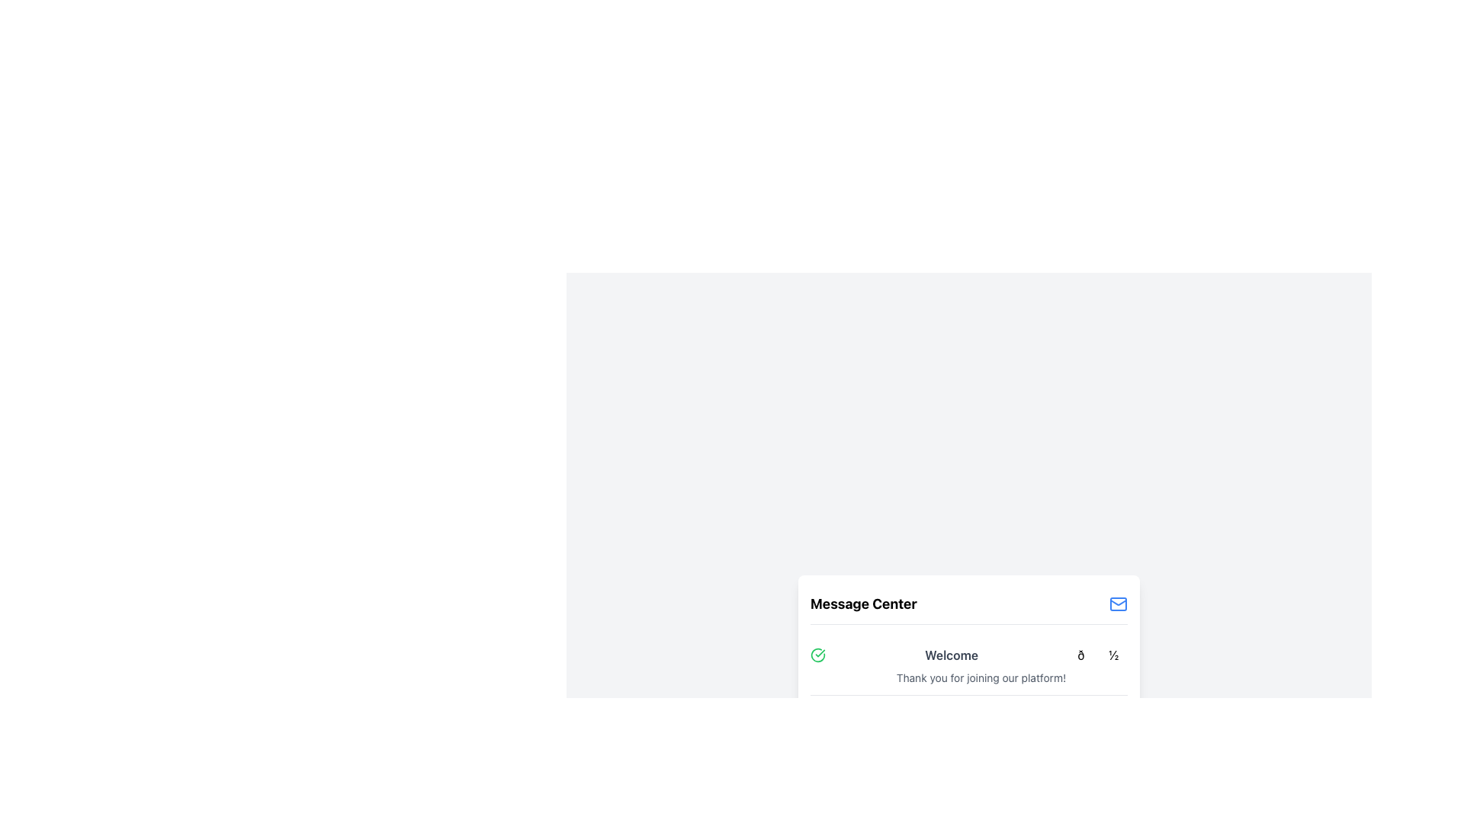 The width and height of the screenshot is (1464, 823). What do you see at coordinates (968, 665) in the screenshot?
I see `text content of the Informational Text Block displaying 'Welcome' and 'Thank you for joining our platform!' located in the Message Center panel` at bounding box center [968, 665].